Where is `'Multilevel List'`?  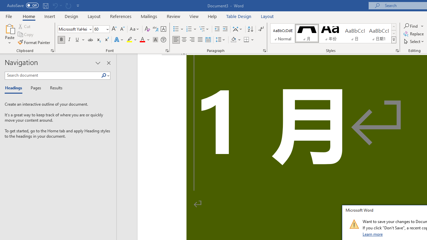
'Multilevel List' is located at coordinates (204, 29).